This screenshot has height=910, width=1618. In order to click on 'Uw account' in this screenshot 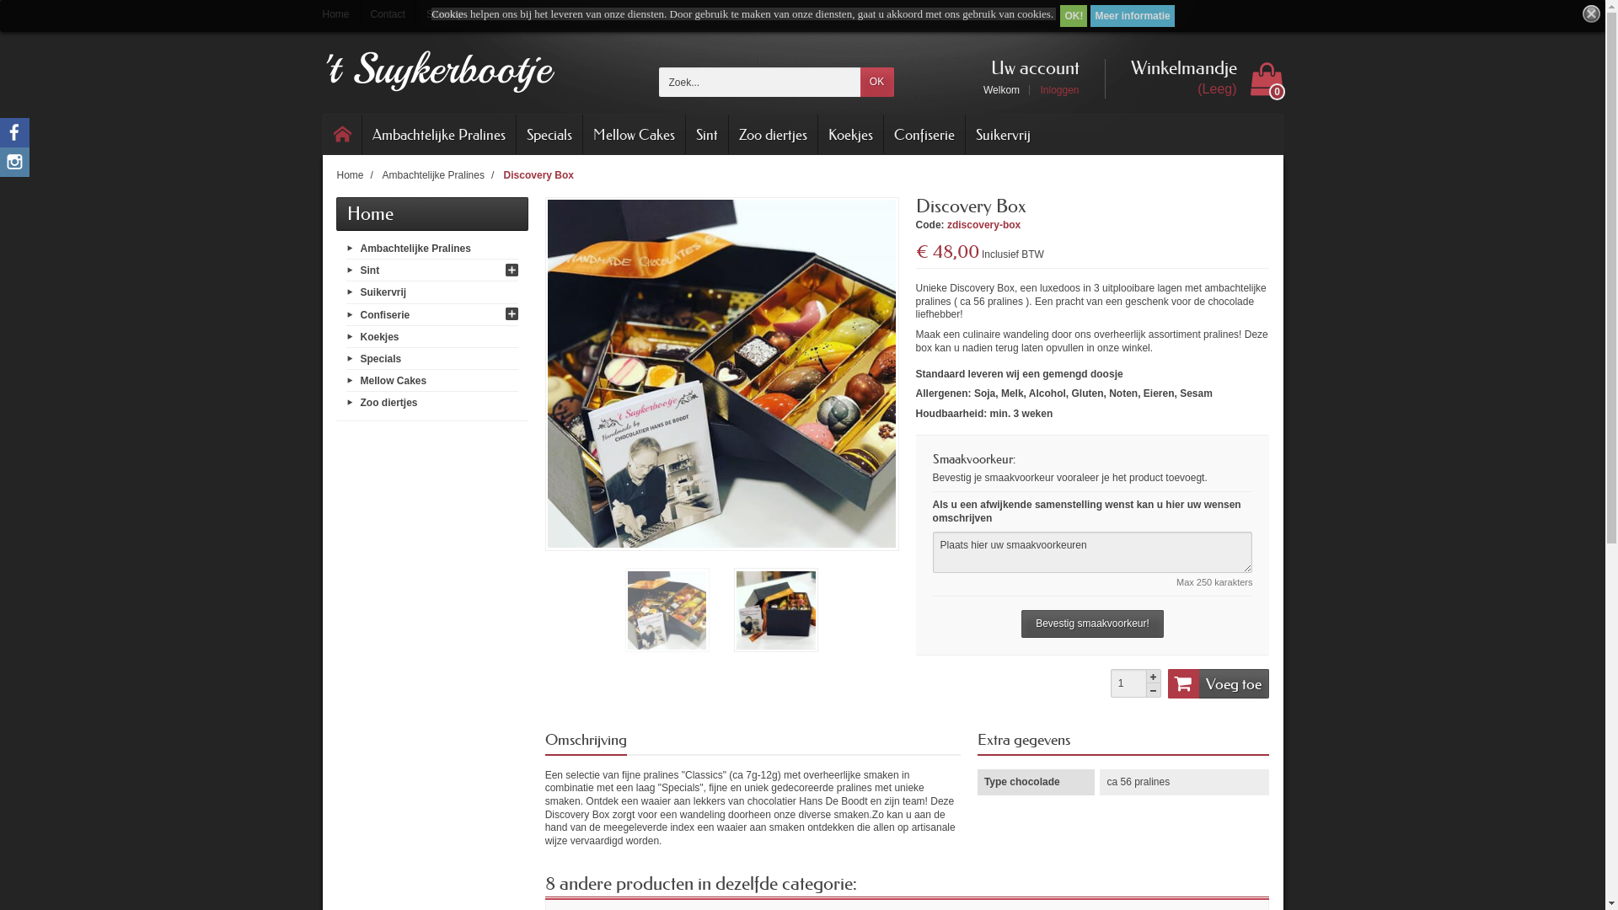, I will do `click(1031, 67)`.